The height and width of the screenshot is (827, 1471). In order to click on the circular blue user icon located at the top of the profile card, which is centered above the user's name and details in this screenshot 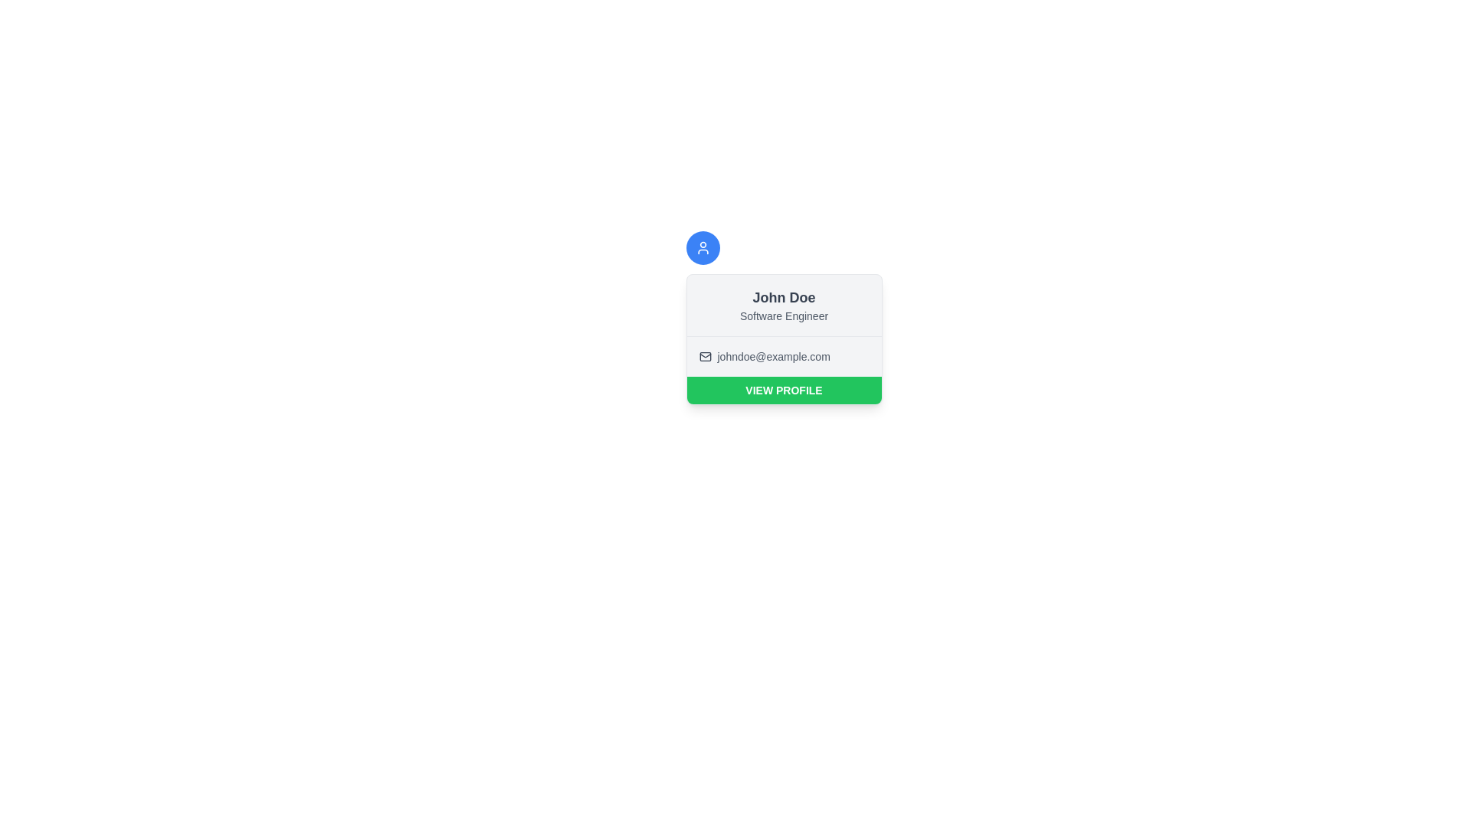, I will do `click(702, 247)`.